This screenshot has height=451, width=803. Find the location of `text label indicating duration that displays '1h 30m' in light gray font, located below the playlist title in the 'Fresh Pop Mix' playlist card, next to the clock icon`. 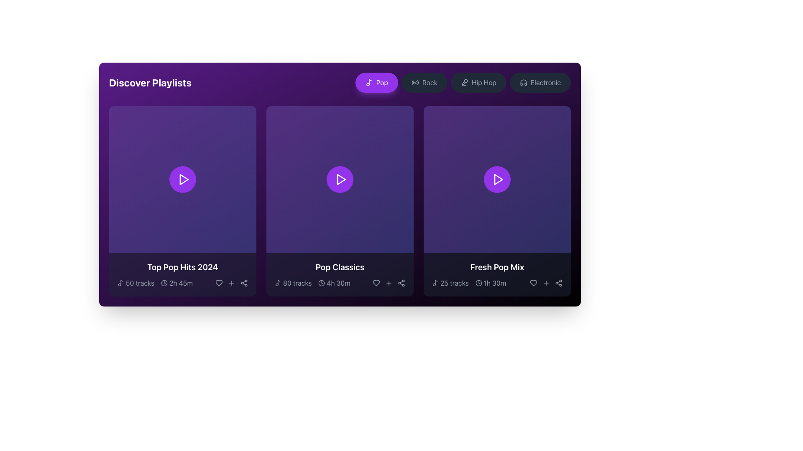

text label indicating duration that displays '1h 30m' in light gray font, located below the playlist title in the 'Fresh Pop Mix' playlist card, next to the clock icon is located at coordinates (495, 283).